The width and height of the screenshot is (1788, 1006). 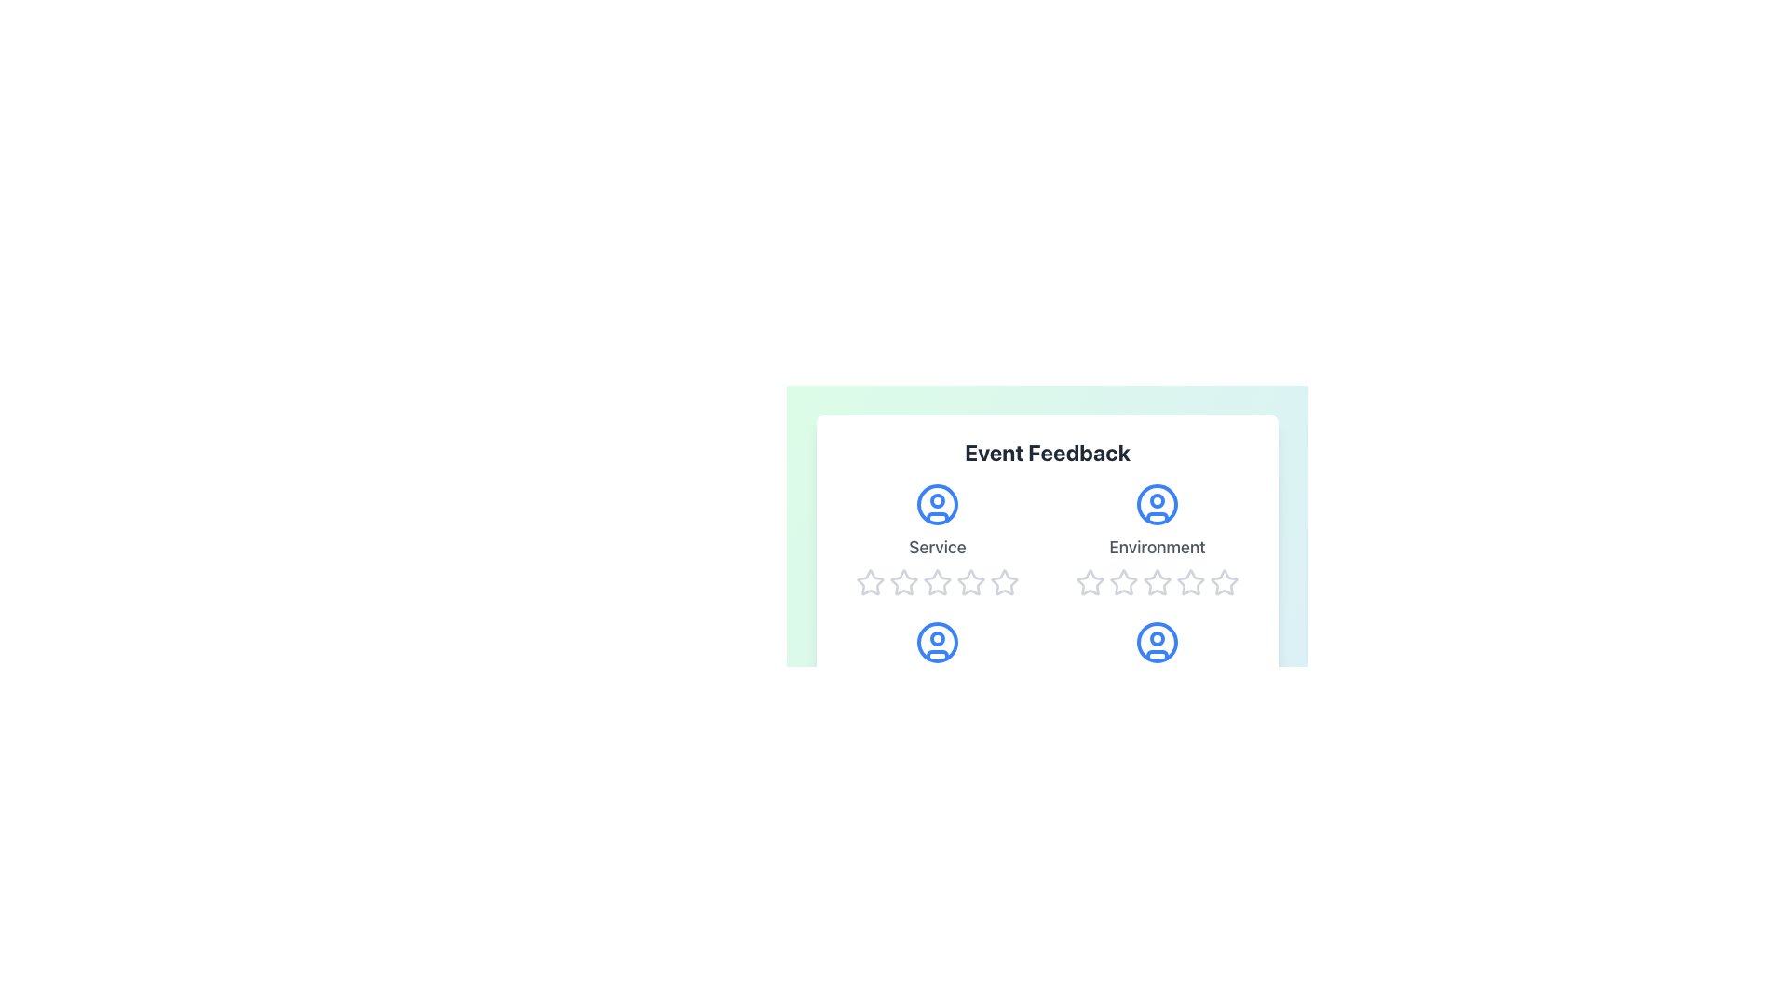 I want to click on the second star in the rating input under the 'Service' label in the 'Event Feedback' section, so click(x=903, y=581).